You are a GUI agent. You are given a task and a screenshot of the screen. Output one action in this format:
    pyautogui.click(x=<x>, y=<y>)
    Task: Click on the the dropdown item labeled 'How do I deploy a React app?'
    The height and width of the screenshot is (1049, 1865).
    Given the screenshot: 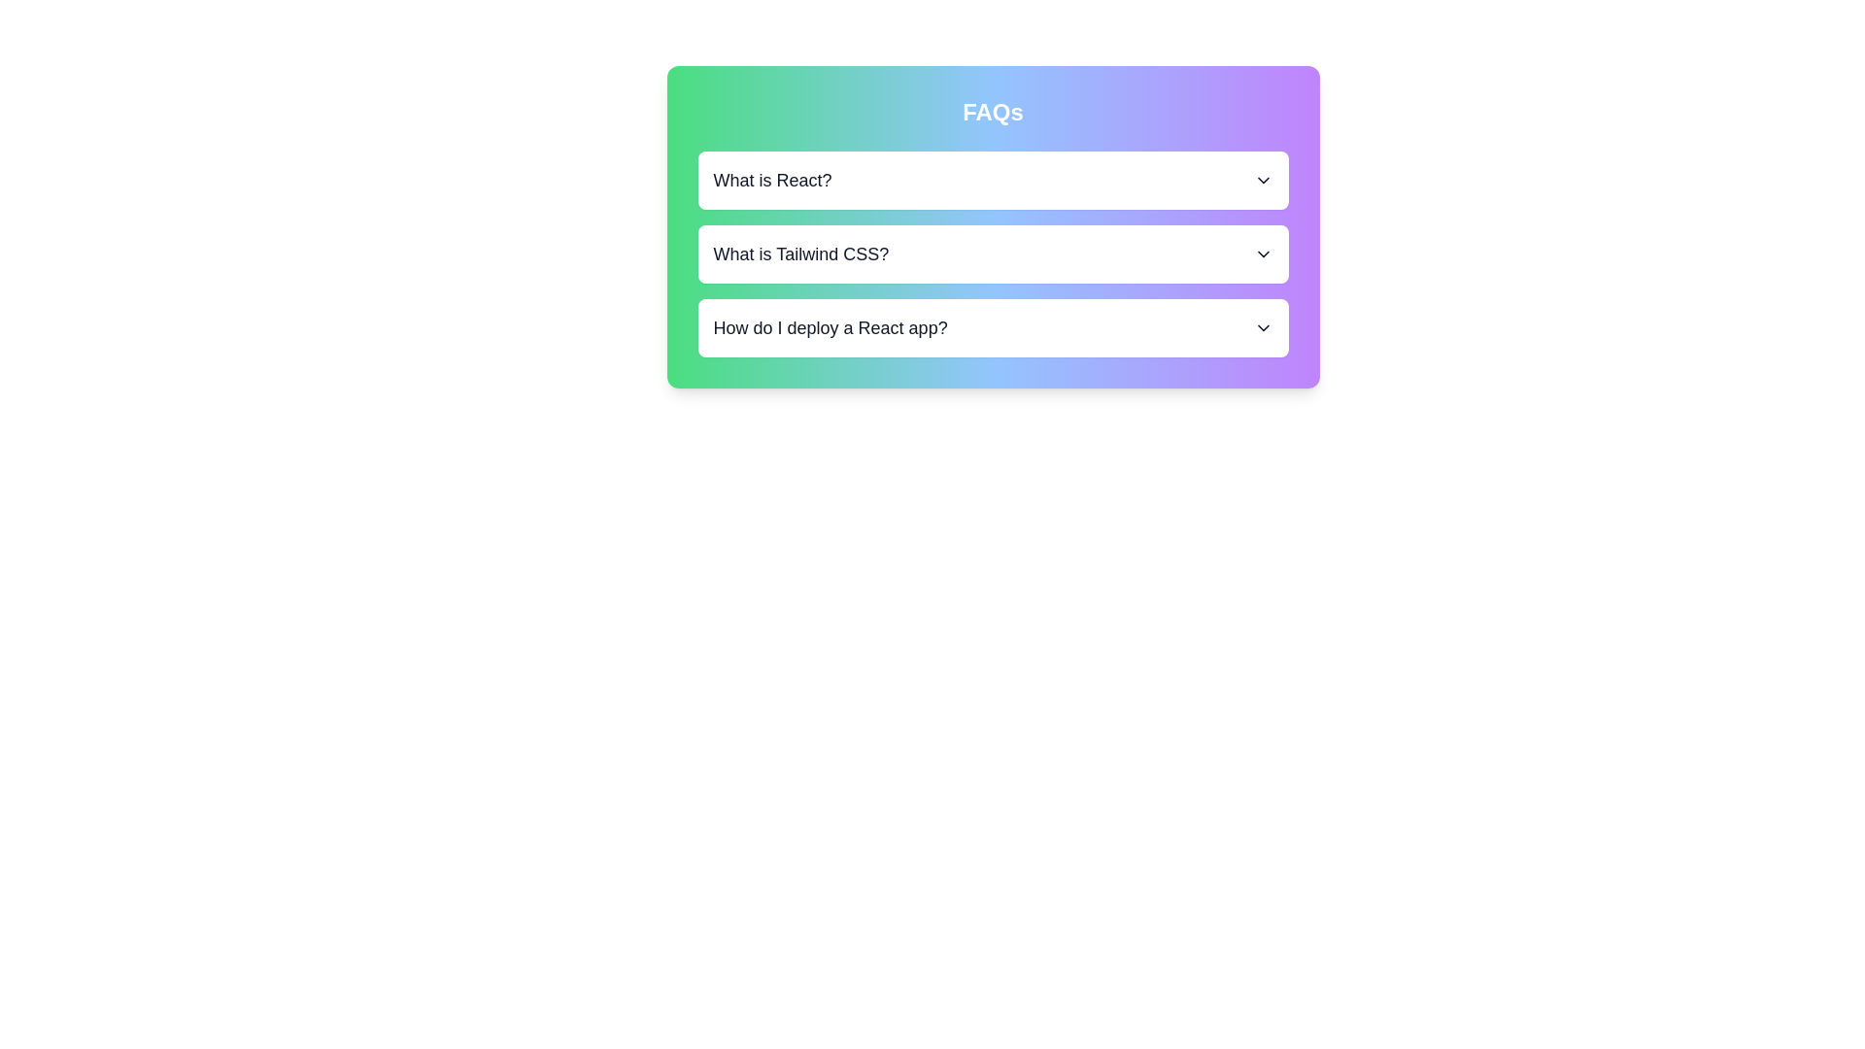 What is the action you would take?
    pyautogui.click(x=993, y=327)
    